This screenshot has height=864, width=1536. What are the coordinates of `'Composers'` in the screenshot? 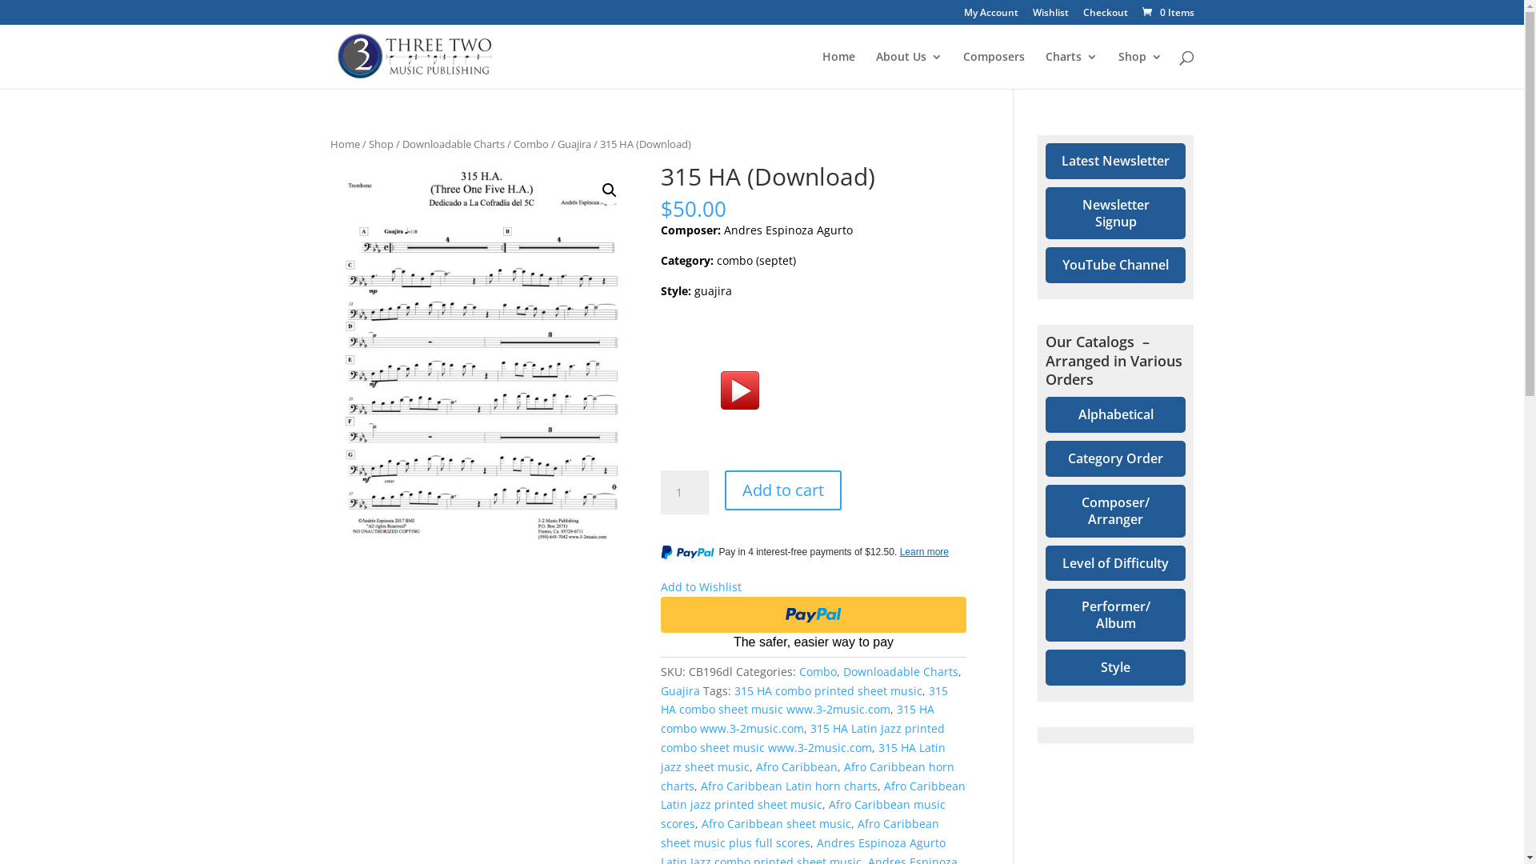 It's located at (993, 69).